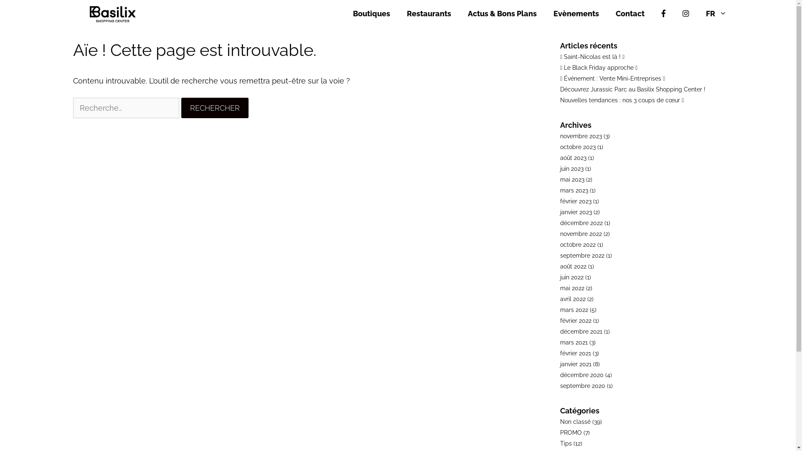 Image resolution: width=802 pixels, height=451 pixels. Describe the element at coordinates (581, 136) in the screenshot. I see `'novembre 2023'` at that location.